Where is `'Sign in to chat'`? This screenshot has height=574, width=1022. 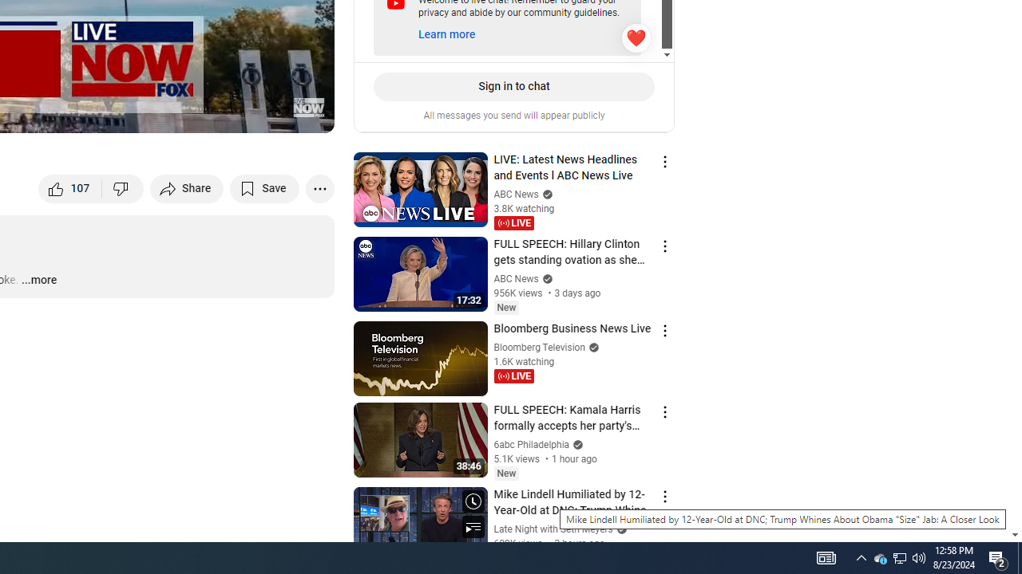
'Sign in to chat' is located at coordinates (513, 86).